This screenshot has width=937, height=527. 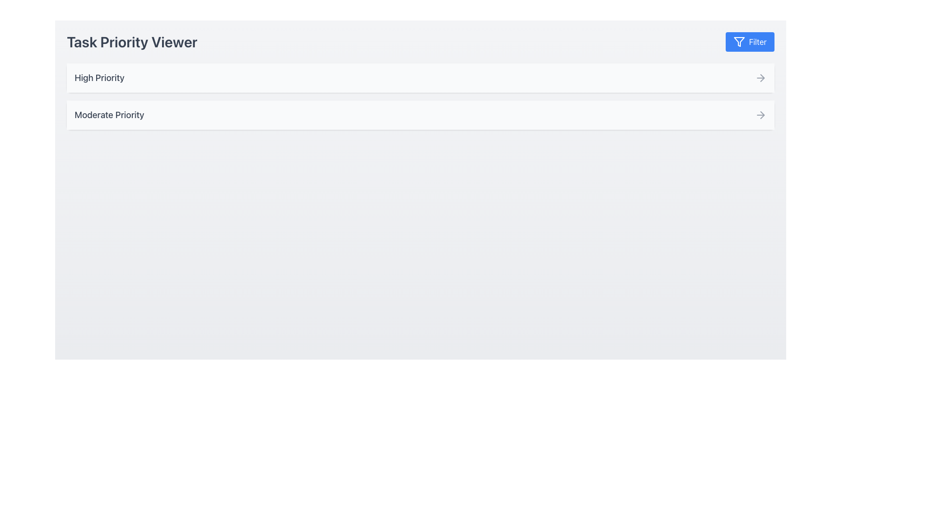 What do you see at coordinates (739, 41) in the screenshot?
I see `the blue 'Filter' button featuring a funnel icon located at the upper-right corner of the 'Task Priority Viewer' header` at bounding box center [739, 41].